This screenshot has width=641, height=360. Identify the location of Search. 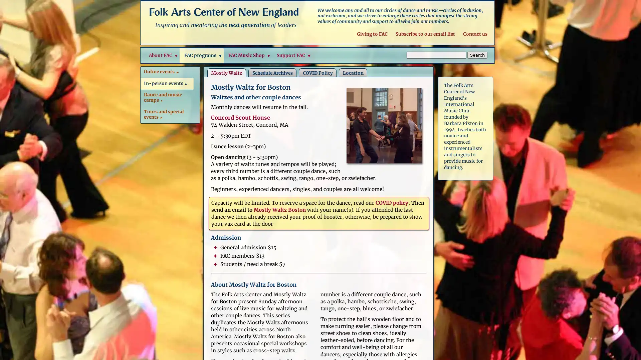
(477, 54).